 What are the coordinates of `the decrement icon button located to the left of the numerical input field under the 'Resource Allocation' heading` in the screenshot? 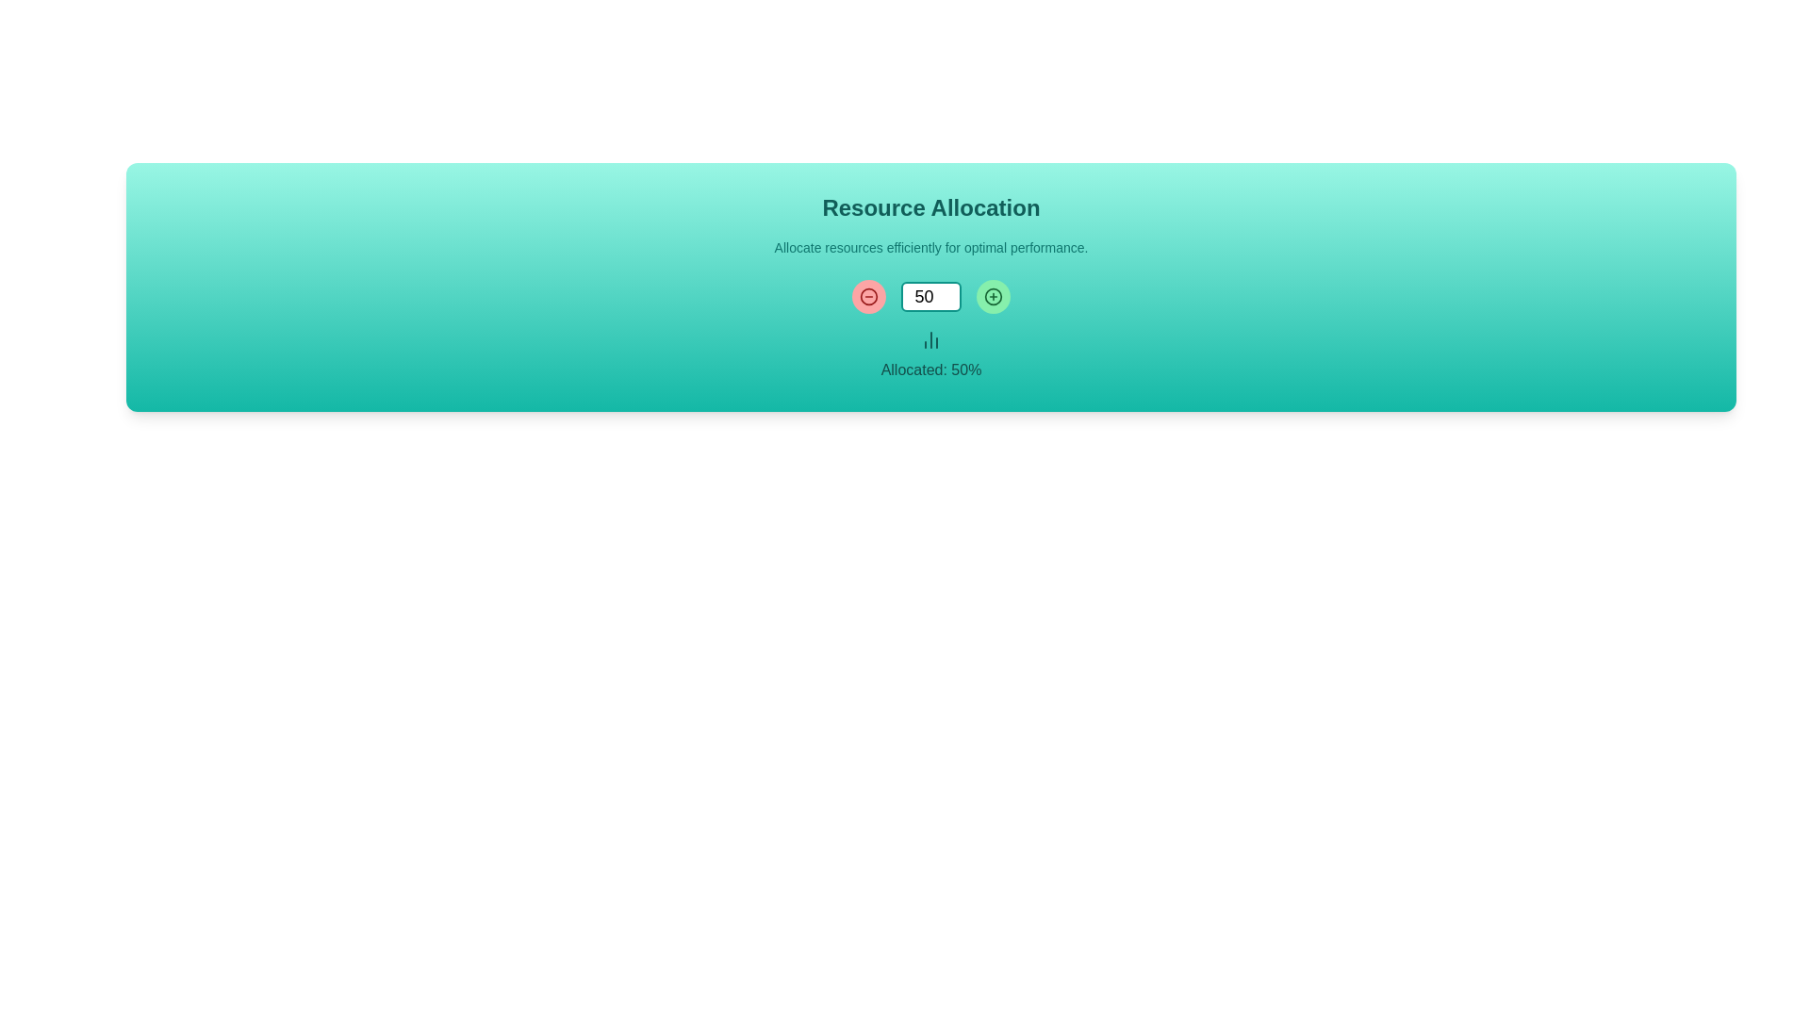 It's located at (867, 297).